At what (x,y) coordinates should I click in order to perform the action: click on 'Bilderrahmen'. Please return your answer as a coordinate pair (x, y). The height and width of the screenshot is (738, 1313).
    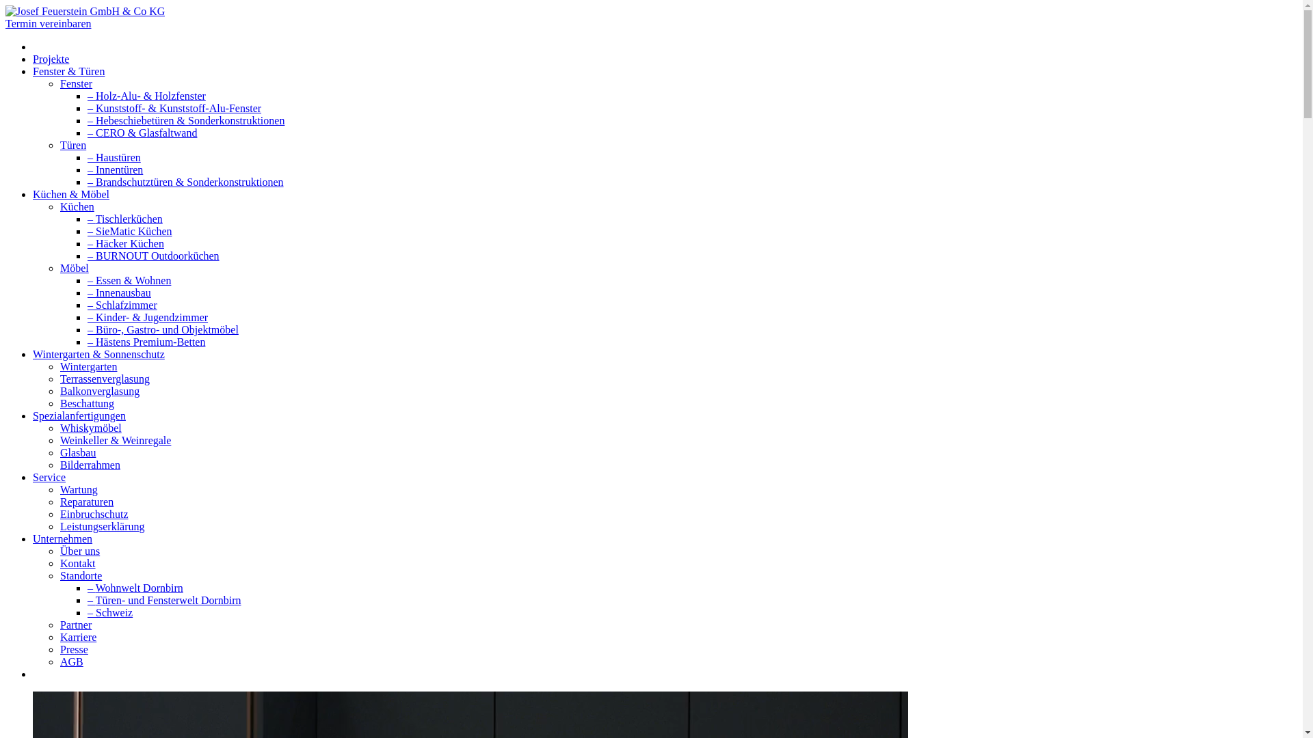
    Looking at the image, I should click on (89, 464).